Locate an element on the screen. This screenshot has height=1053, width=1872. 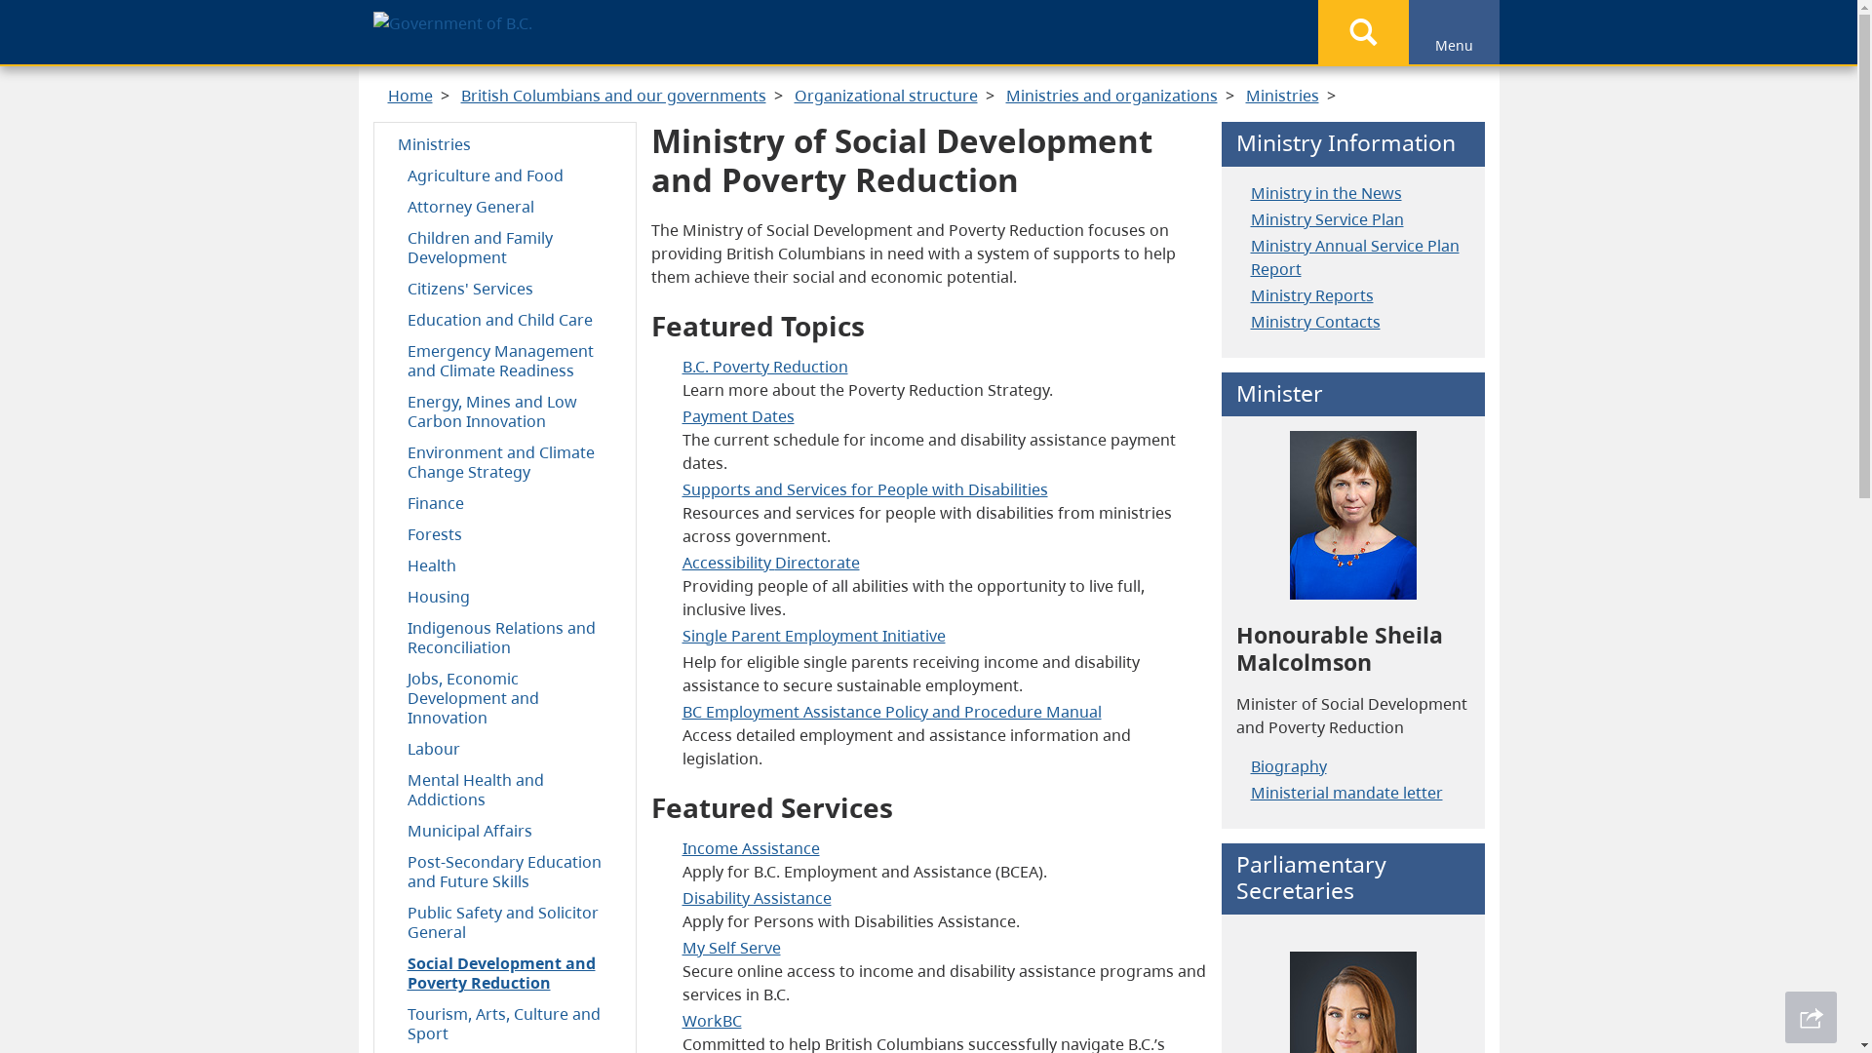
'Housing' is located at coordinates (505, 594).